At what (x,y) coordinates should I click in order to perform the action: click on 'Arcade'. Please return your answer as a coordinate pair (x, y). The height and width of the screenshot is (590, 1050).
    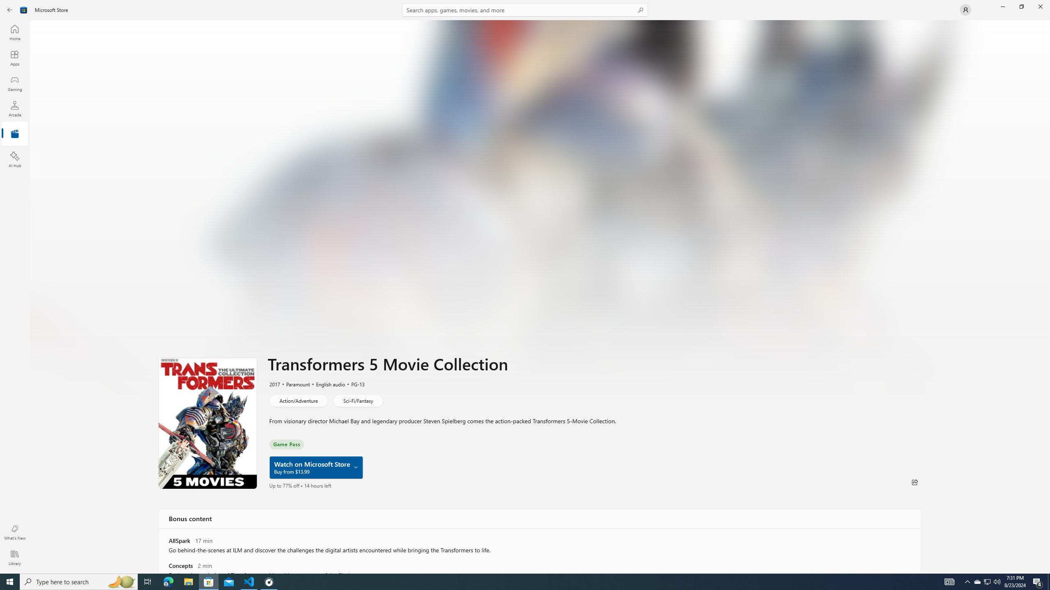
    Looking at the image, I should click on (14, 108).